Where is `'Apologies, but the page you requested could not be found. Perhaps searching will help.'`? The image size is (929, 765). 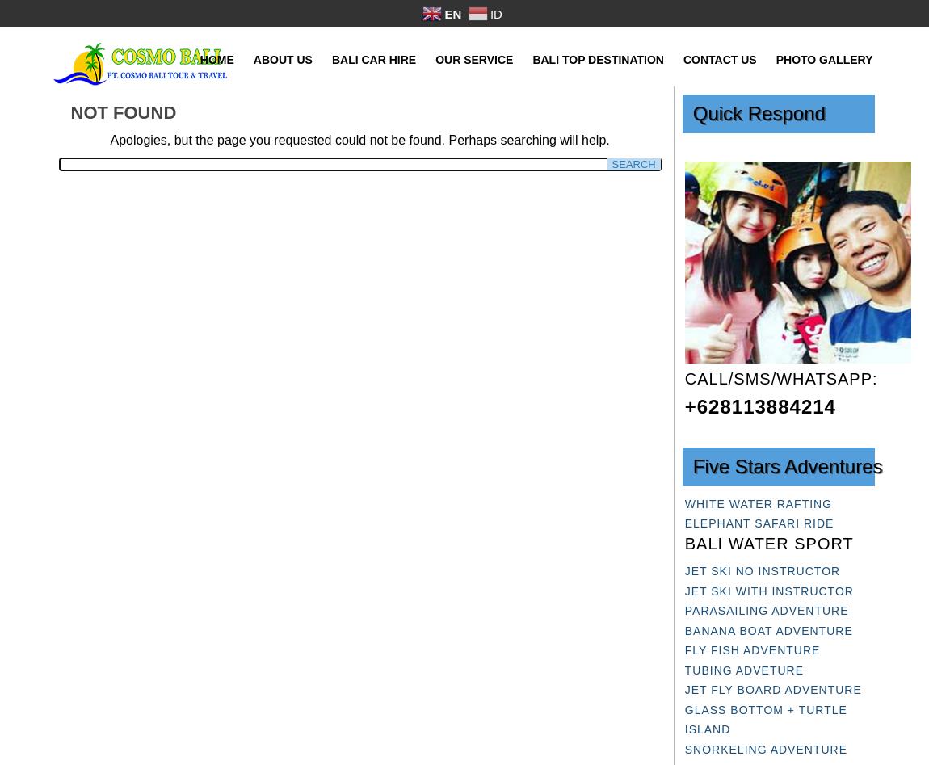 'Apologies, but the page you requested could not be found. Perhaps searching will help.' is located at coordinates (359, 139).